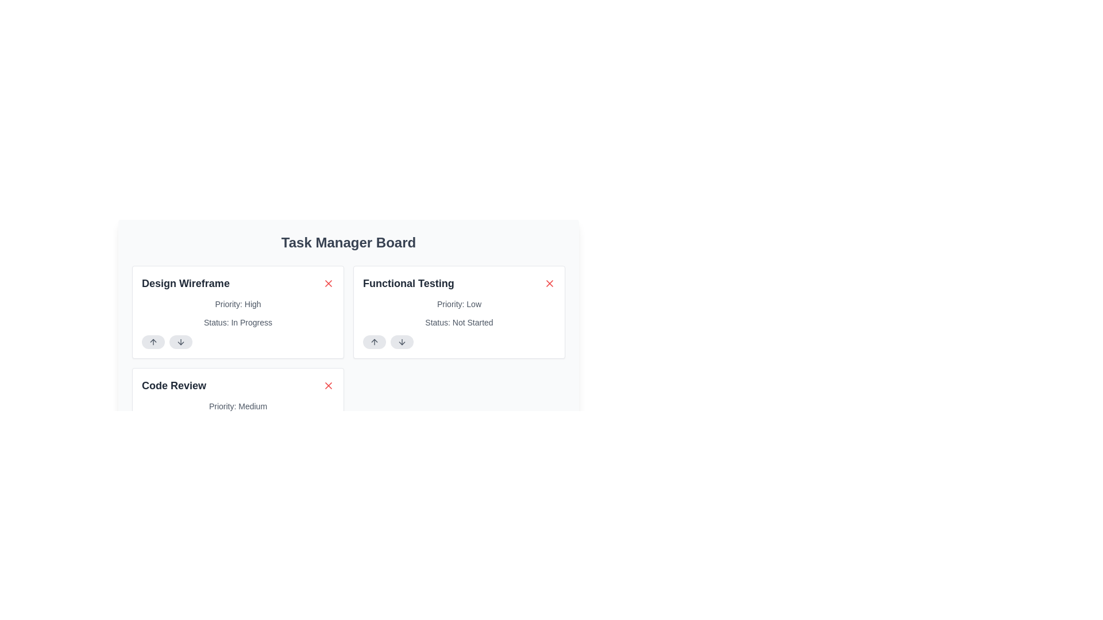 The width and height of the screenshot is (1103, 620). Describe the element at coordinates (458, 323) in the screenshot. I see `the 'Status: Not Started' text label located within the 'Functional Testing' task card in the 'Task Manager Board' interface` at that location.